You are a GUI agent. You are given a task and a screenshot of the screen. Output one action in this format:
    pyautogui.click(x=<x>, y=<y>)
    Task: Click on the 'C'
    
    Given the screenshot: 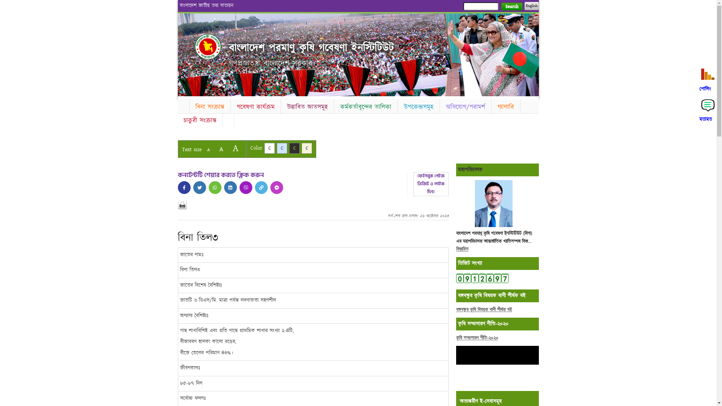 What is the action you would take?
    pyautogui.click(x=269, y=148)
    